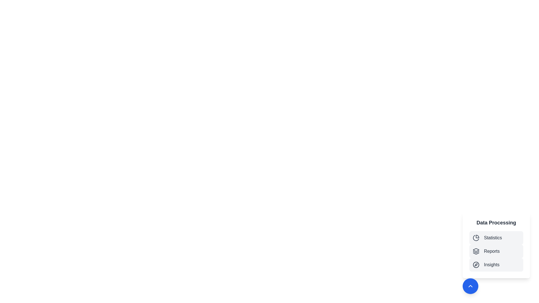 The width and height of the screenshot is (539, 303). I want to click on the 'Reports' menu item, so click(496, 251).